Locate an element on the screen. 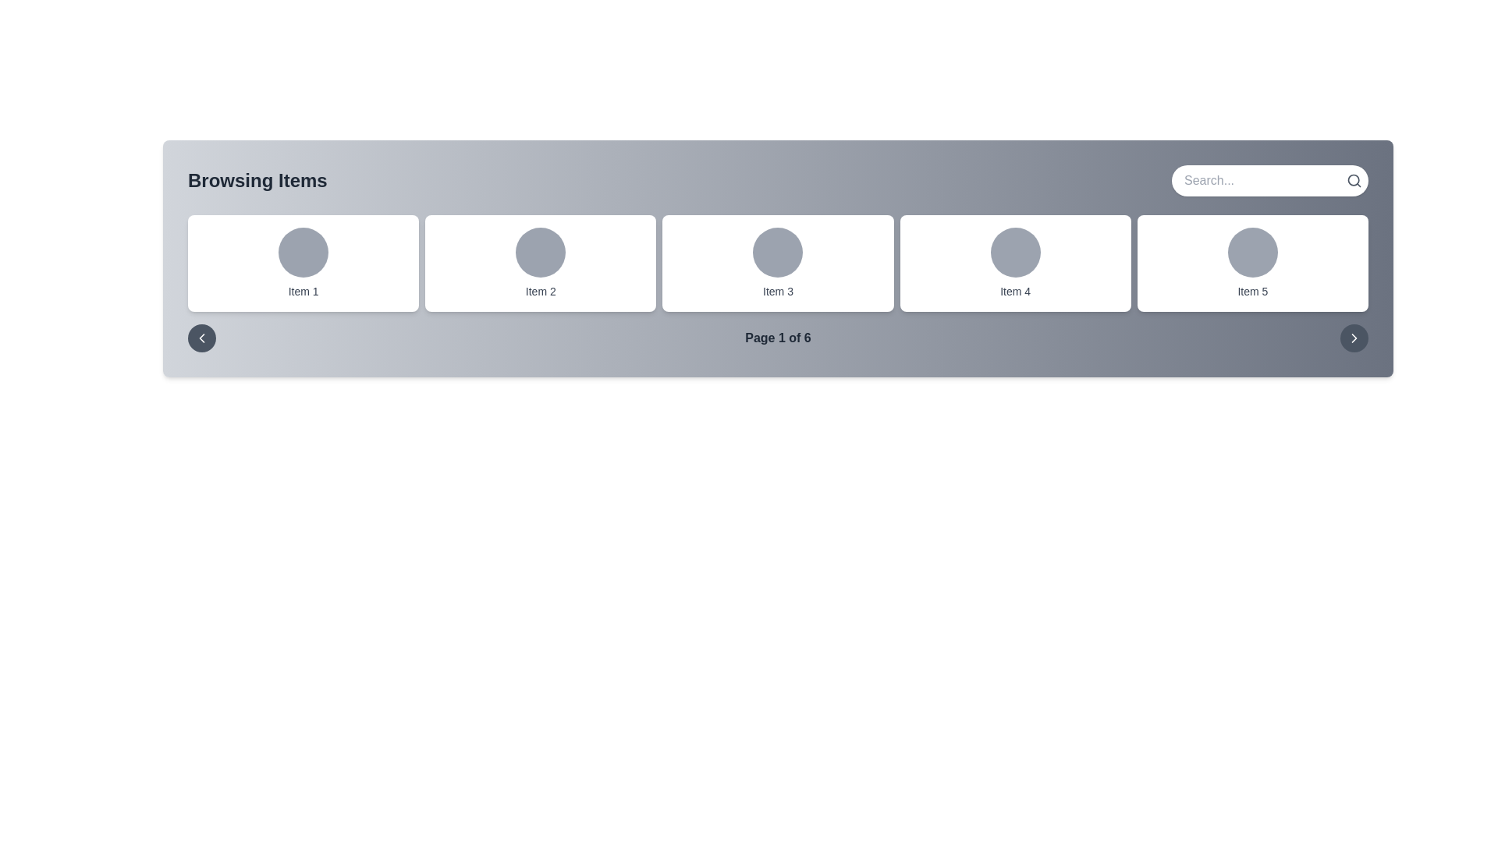 This screenshot has height=842, width=1498. the chevron icon on the far right of the interface is located at coordinates (1354, 338).